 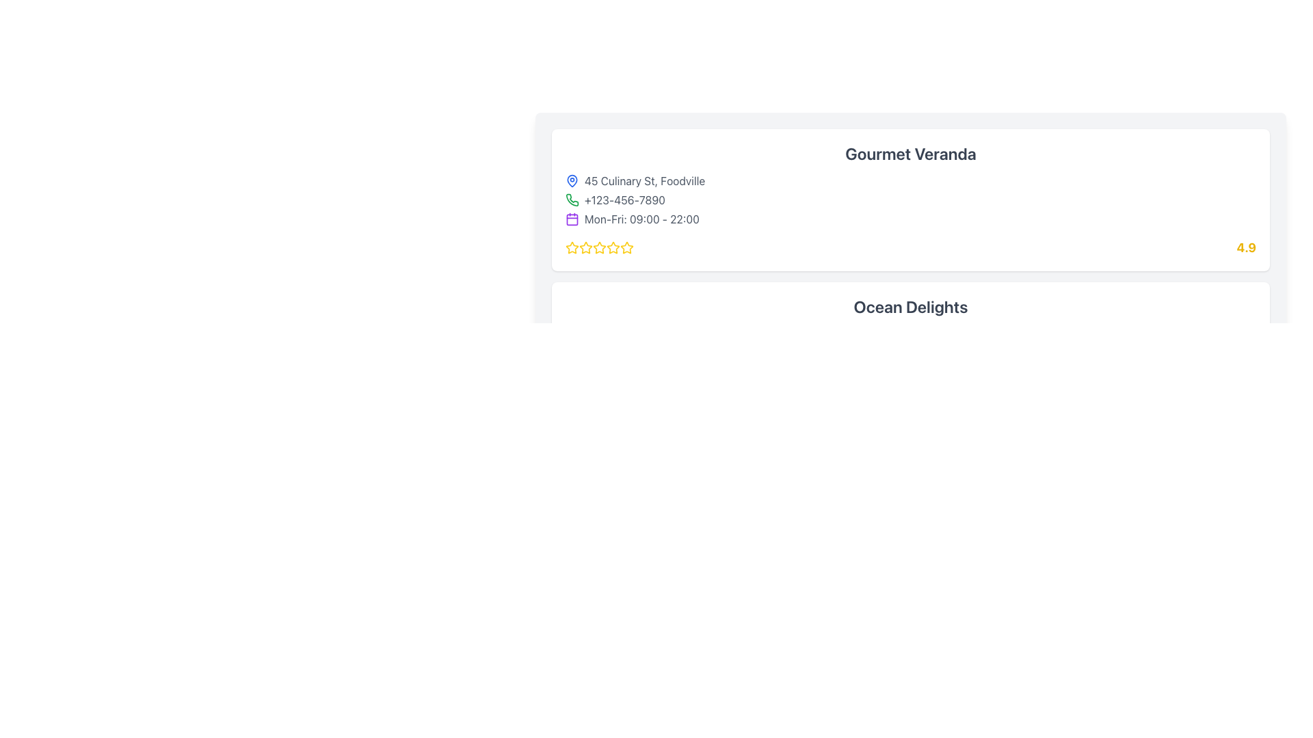 I want to click on the first star icon in the rating indicator of the 'Gourmet Veranda' card, which has a yellow border and white center, so click(x=586, y=247).